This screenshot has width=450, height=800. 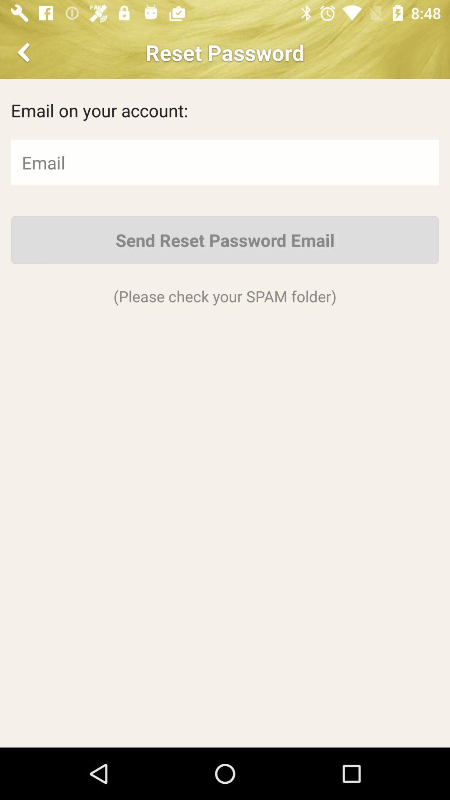 I want to click on previous, so click(x=25, y=52).